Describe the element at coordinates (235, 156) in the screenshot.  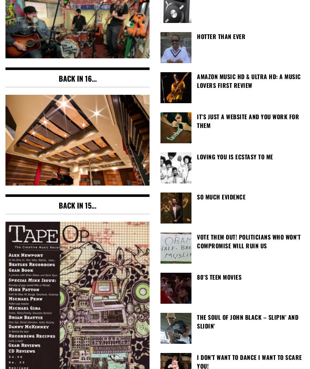
I see `'Loving You Is Ecstasy To Me'` at that location.